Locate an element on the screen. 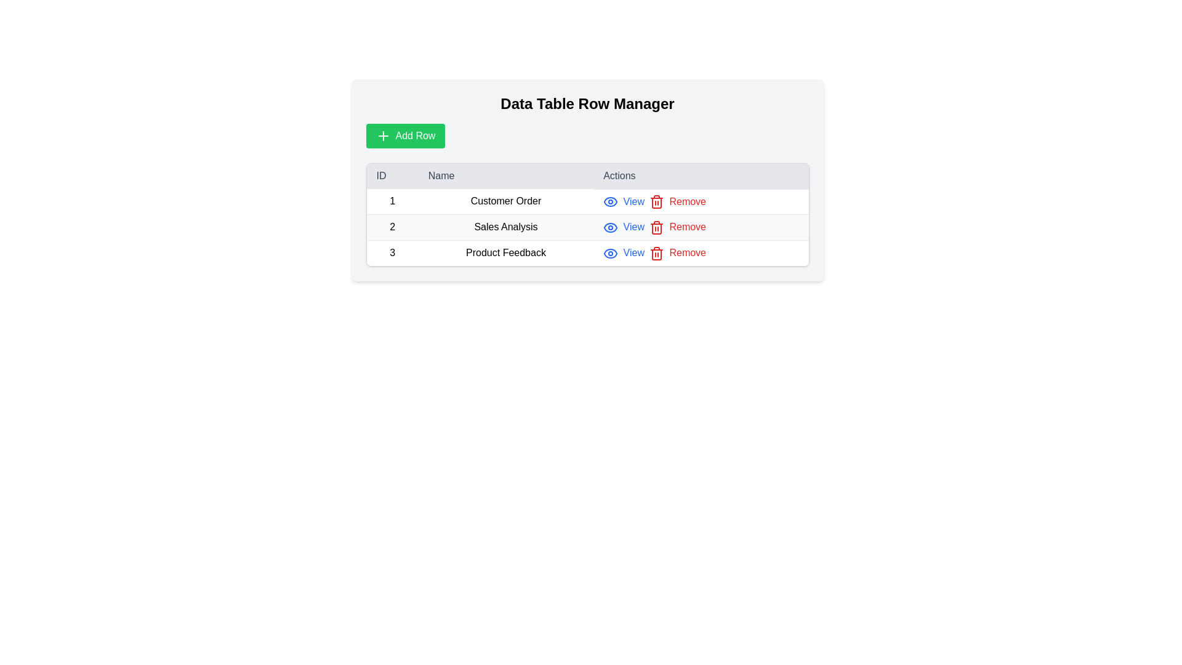 This screenshot has height=665, width=1182. the interactive trash bin icon located in the 'Actions' column of the third row in the displayed table is located at coordinates (656, 229).